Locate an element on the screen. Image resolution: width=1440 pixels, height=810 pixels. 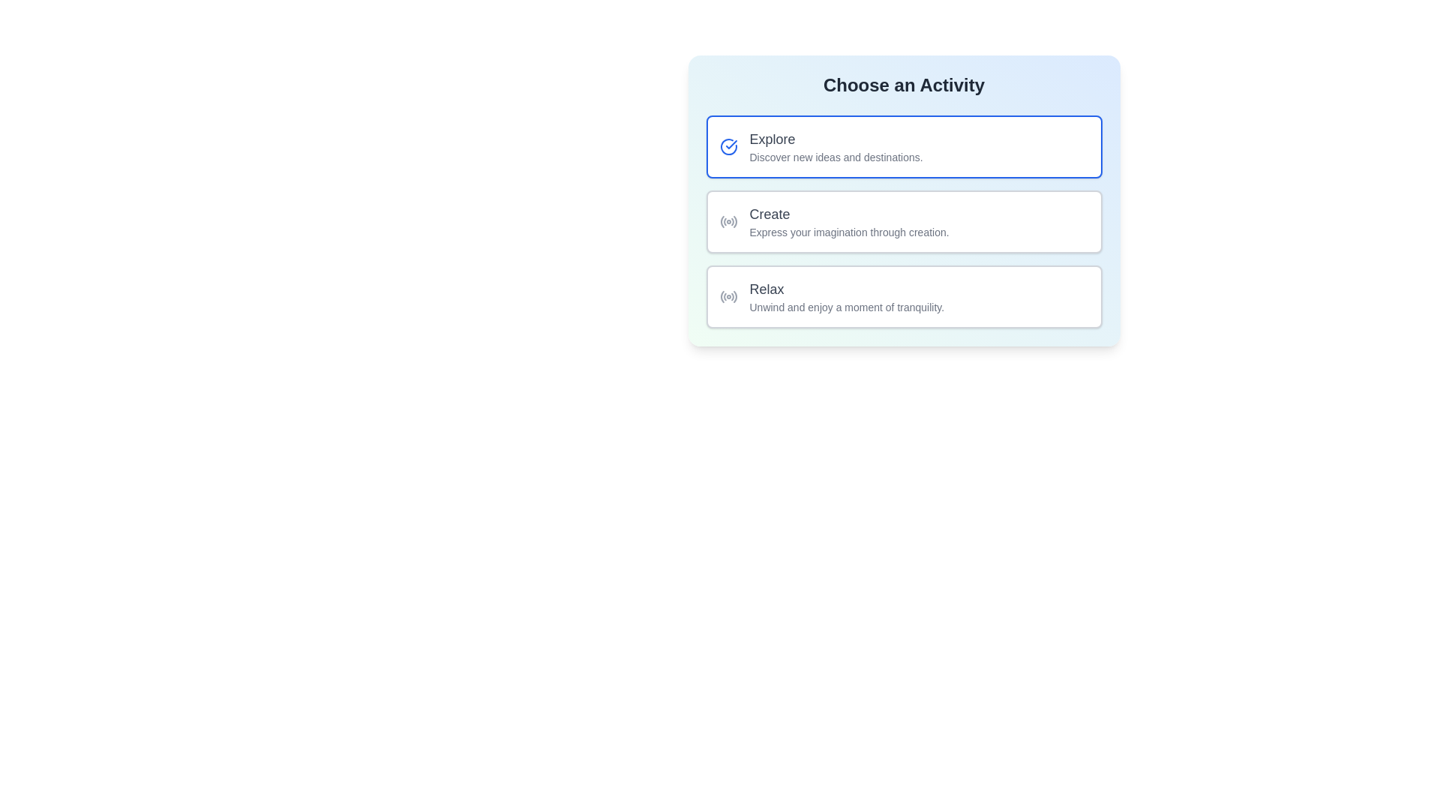
the 'Create' interactive card is located at coordinates (903, 222).